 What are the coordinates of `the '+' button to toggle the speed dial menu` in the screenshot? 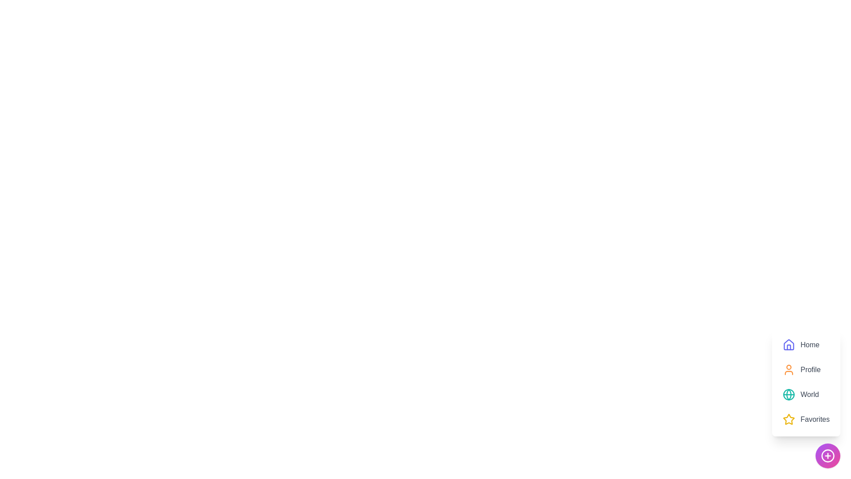 It's located at (827, 456).